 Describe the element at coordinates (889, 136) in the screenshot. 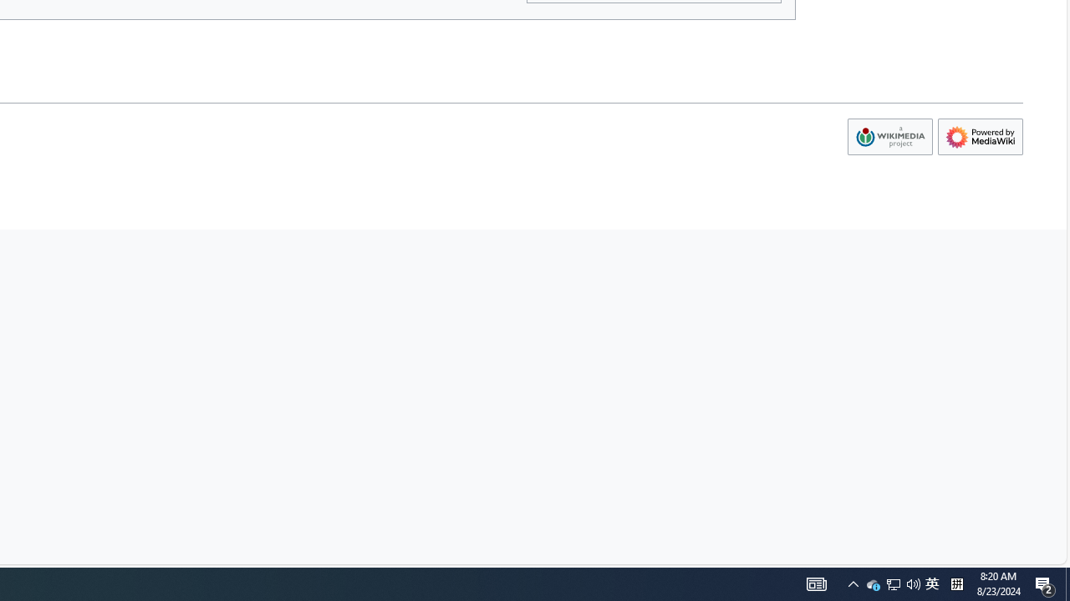

I see `'Wikimedia Foundation'` at that location.